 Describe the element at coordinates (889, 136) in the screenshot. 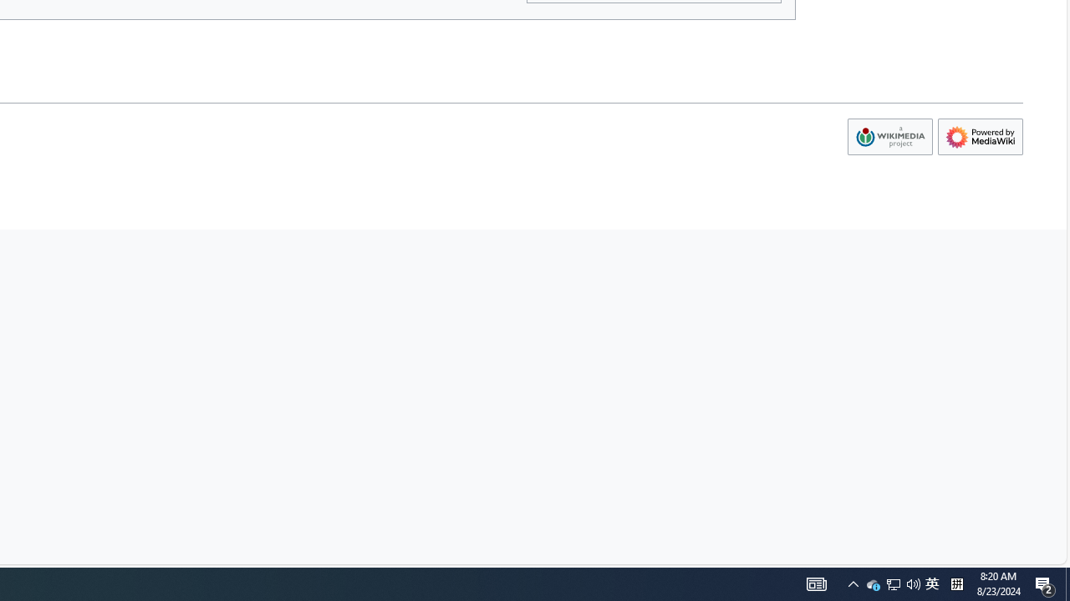

I see `'Wikimedia Foundation'` at that location.